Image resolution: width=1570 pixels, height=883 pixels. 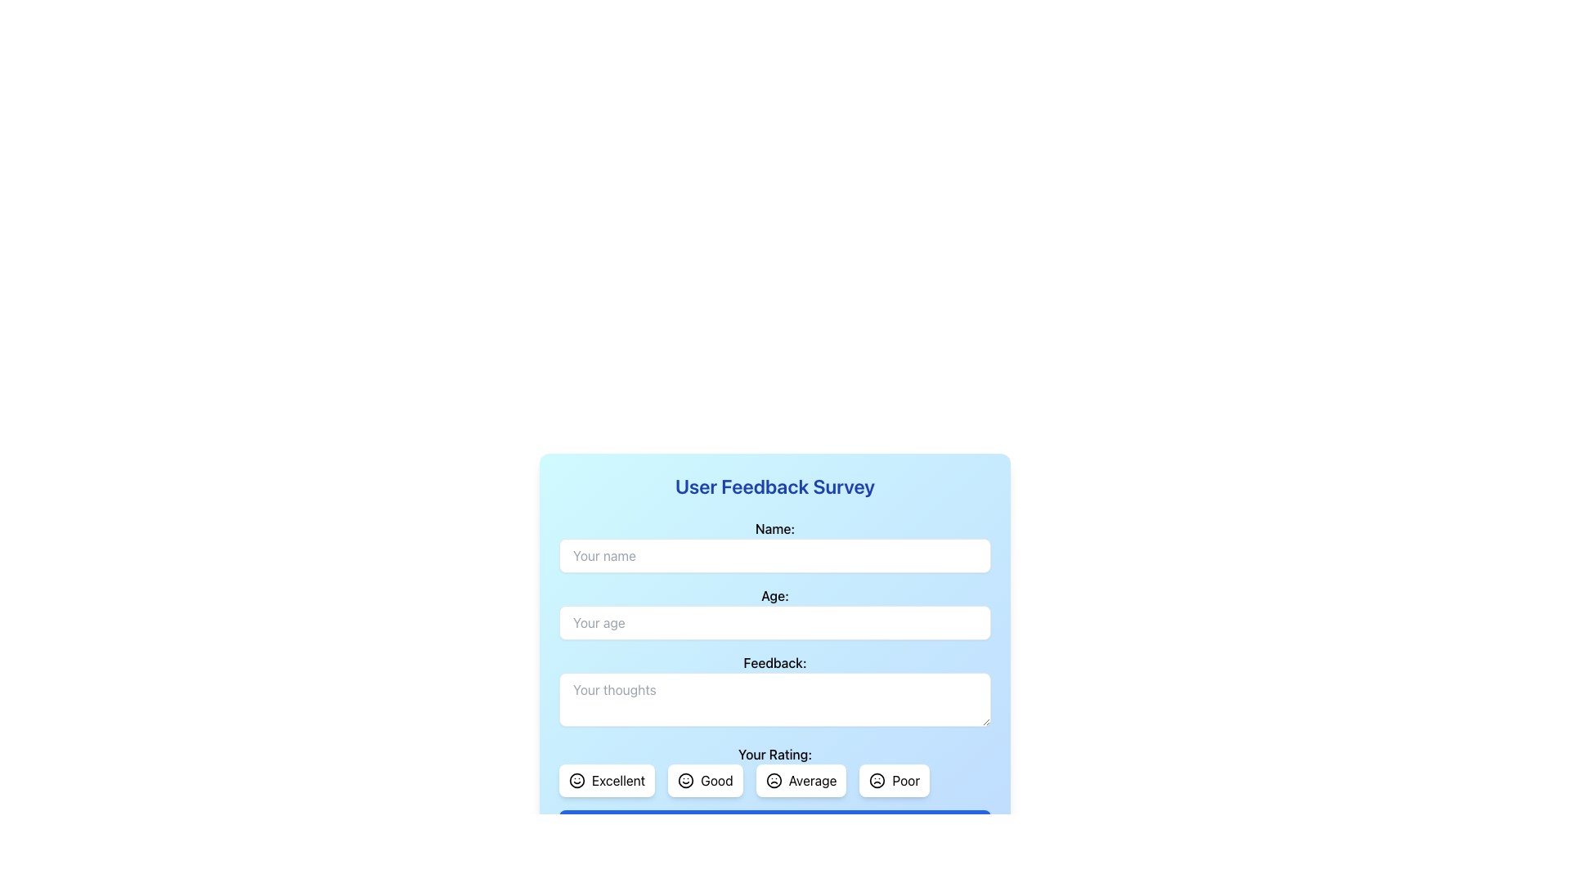 What do you see at coordinates (774, 770) in the screenshot?
I see `the 'Average' rating button, which is the third option in the rating group under the 'Your Rating:' label in the 'User Feedback Survey' form` at bounding box center [774, 770].